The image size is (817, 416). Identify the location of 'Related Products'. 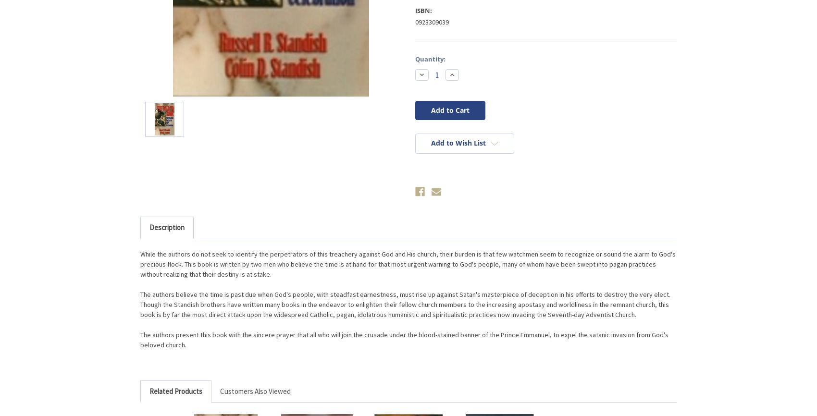
(174, 390).